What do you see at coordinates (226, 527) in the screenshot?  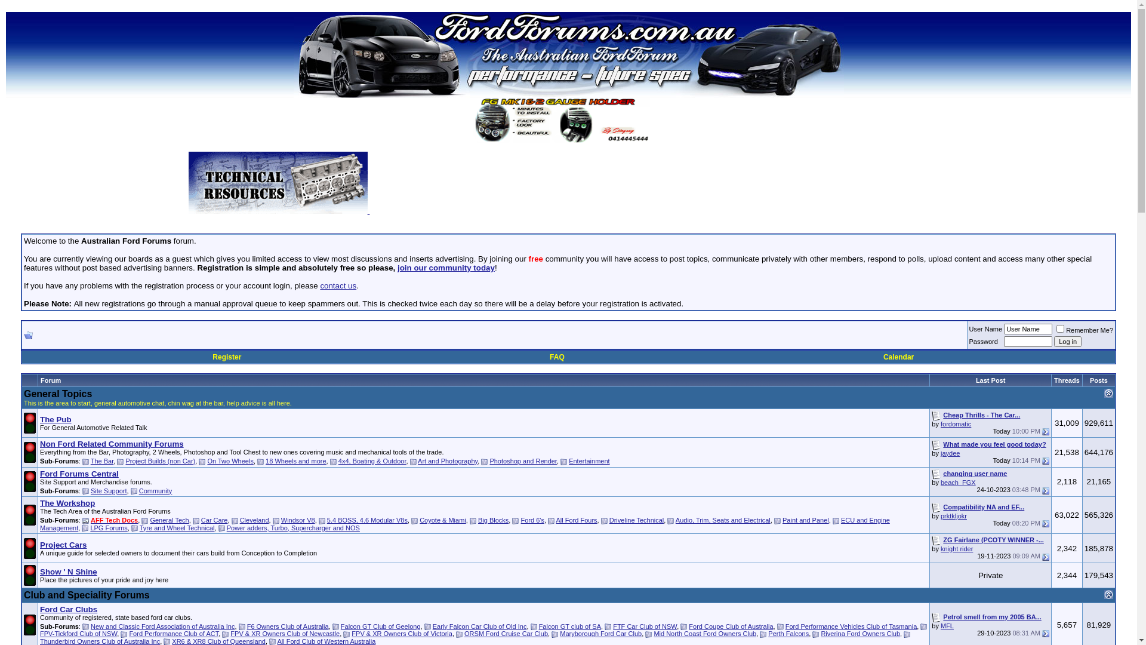 I see `'Power adders, Turbo, Supercharger and NOS'` at bounding box center [226, 527].